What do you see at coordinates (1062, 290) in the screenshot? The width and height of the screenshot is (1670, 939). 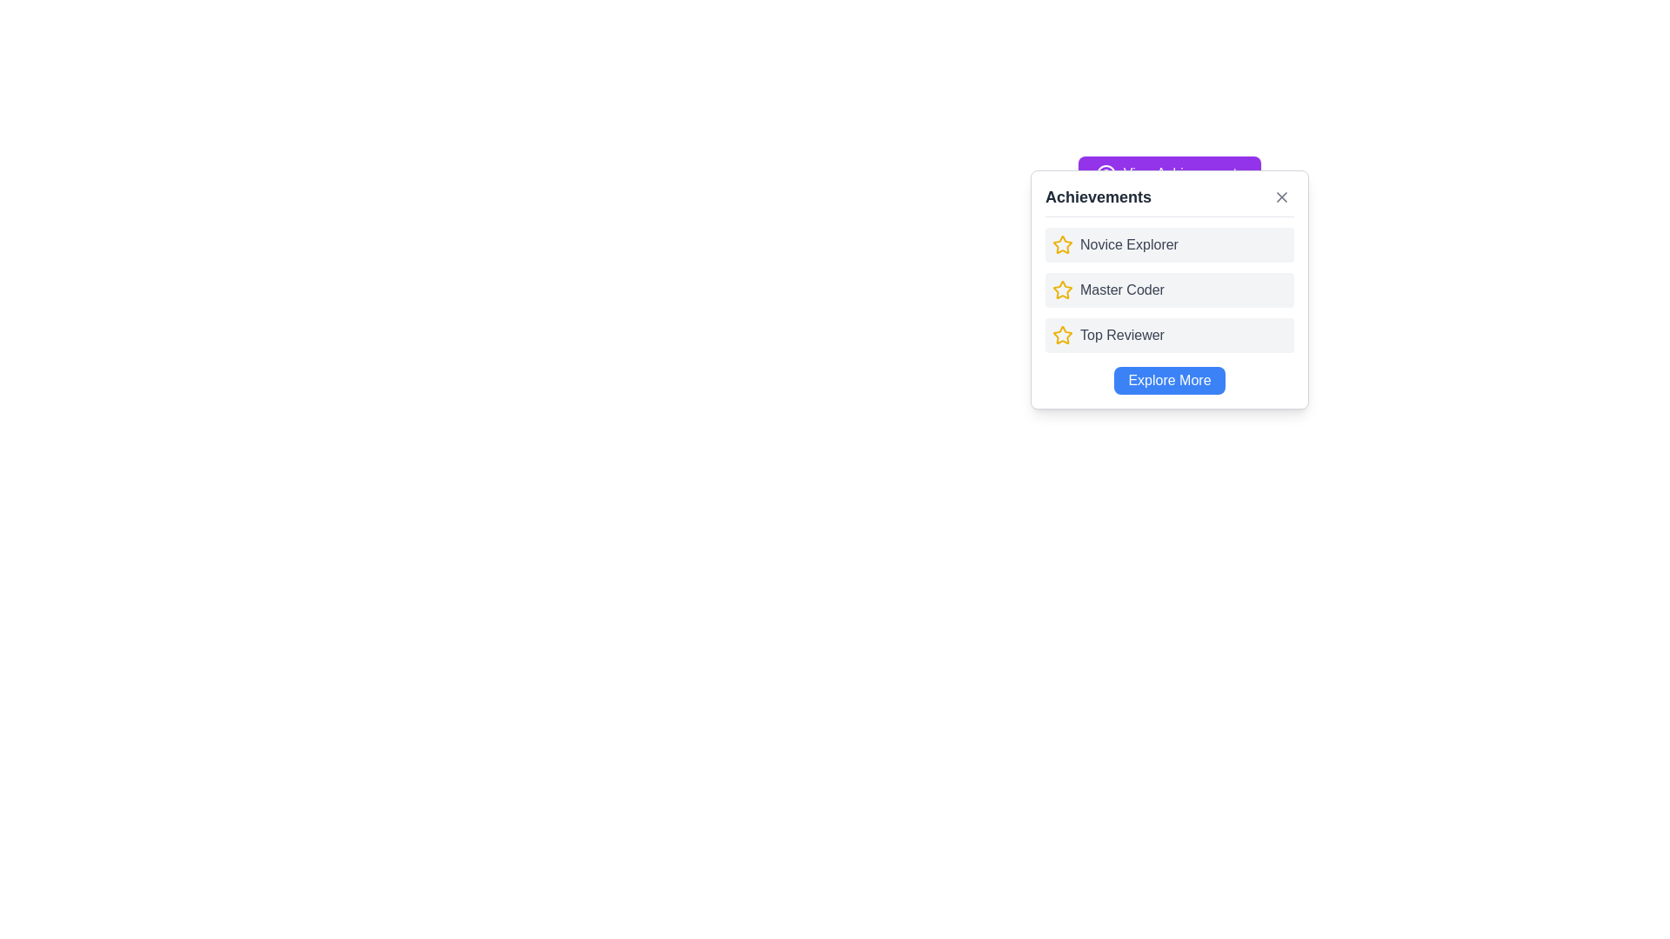 I see `the star-shaped icon with a yellow fill and black border, located to the left of the text 'Master Coder' within the 'Achievements' modal box` at bounding box center [1062, 290].